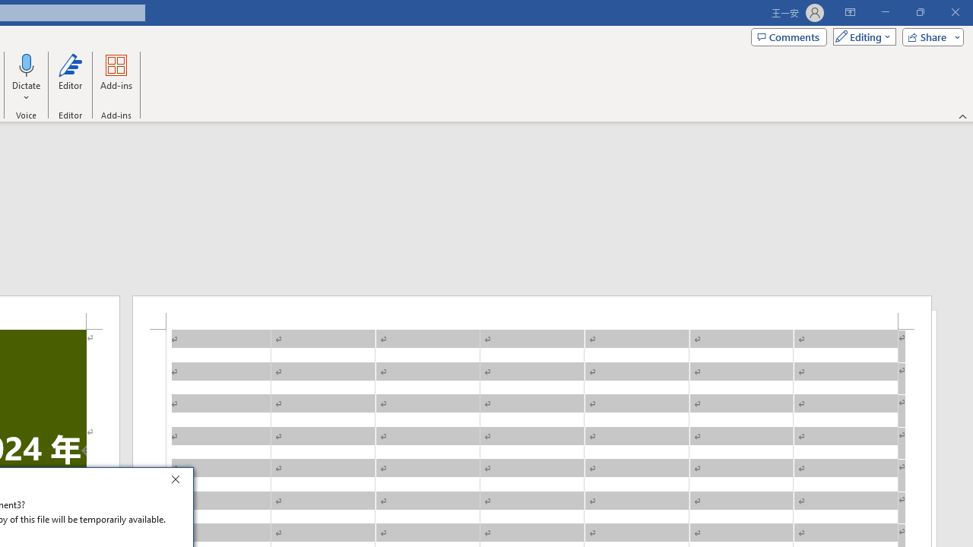 This screenshot has height=547, width=973. What do you see at coordinates (27, 64) in the screenshot?
I see `'Dictate'` at bounding box center [27, 64].